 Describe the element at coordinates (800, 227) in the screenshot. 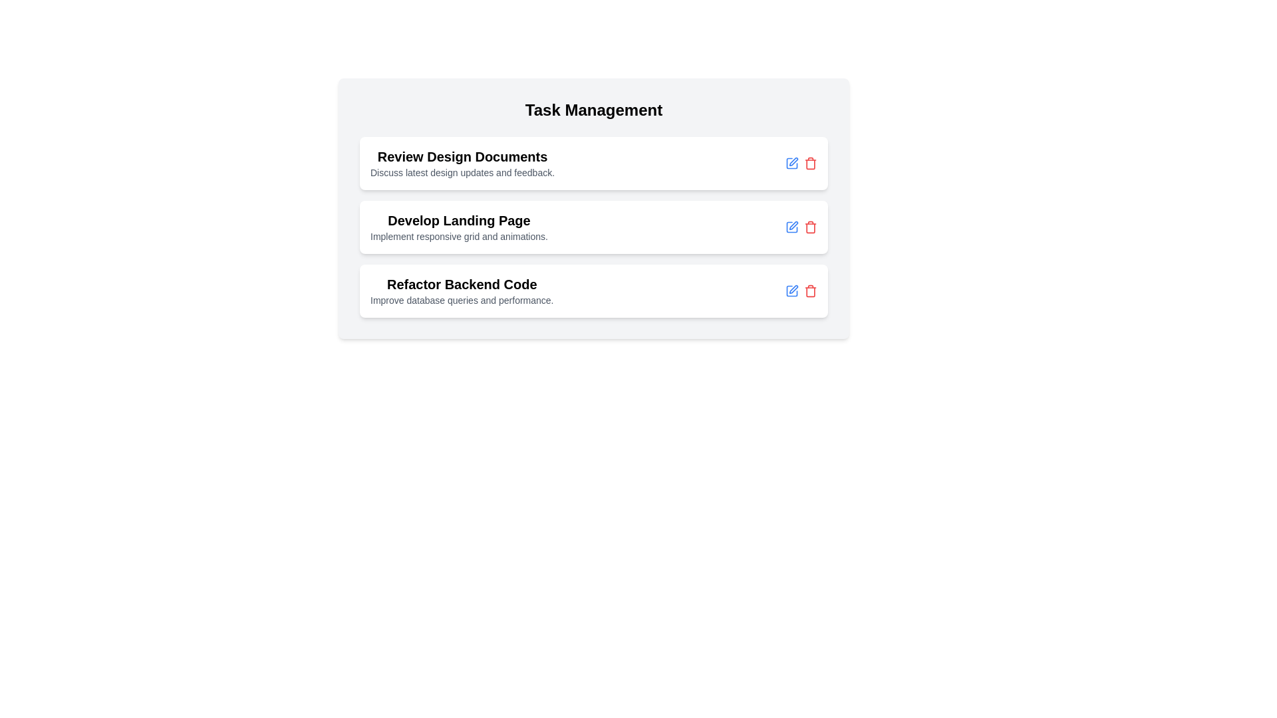

I see `the left blue icon in the button group located in the third task item section labeled 'Develop Landing Page' to enter edit mode` at that location.